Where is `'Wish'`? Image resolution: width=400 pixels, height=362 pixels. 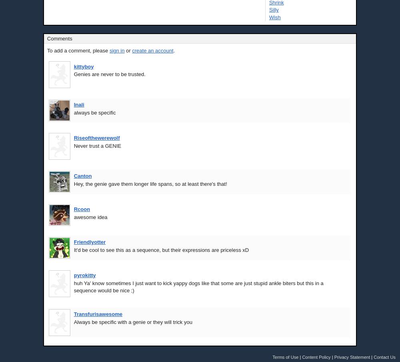 'Wish' is located at coordinates (274, 16).